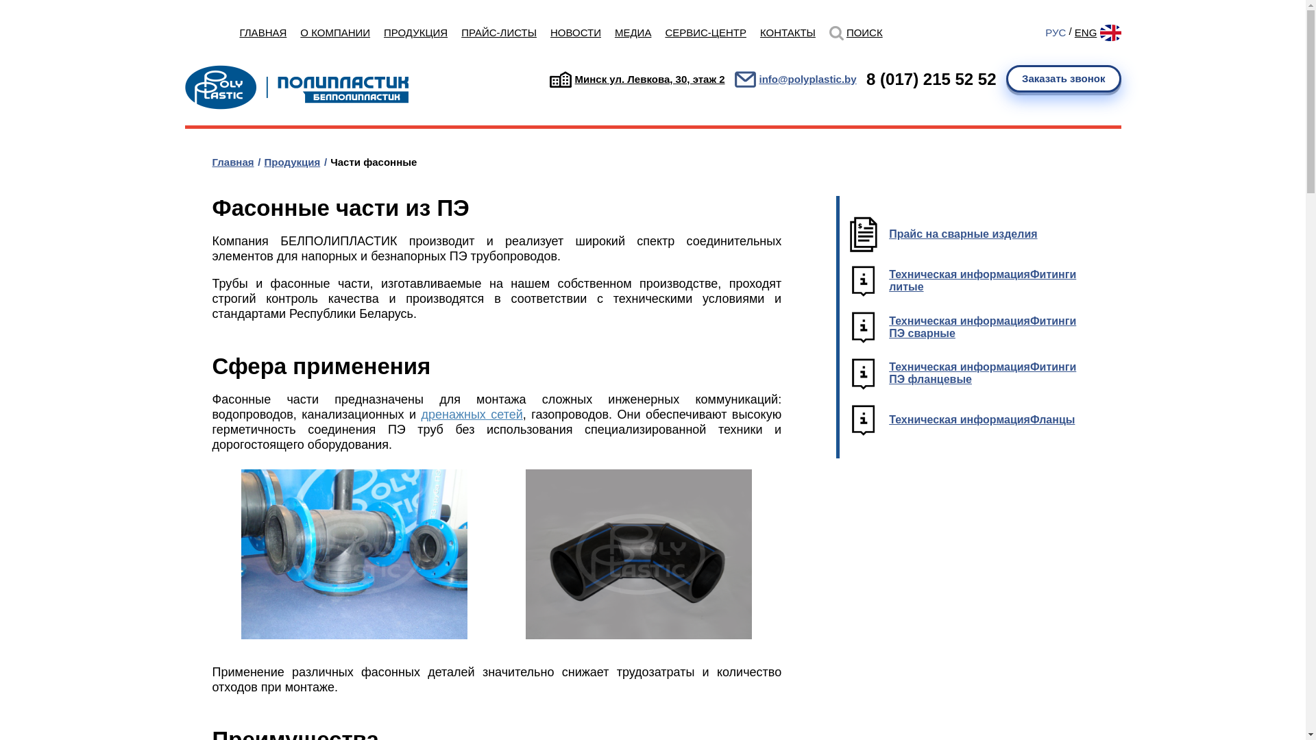 The height and width of the screenshot is (740, 1316). What do you see at coordinates (807, 79) in the screenshot?
I see `'info@polyplastic.by'` at bounding box center [807, 79].